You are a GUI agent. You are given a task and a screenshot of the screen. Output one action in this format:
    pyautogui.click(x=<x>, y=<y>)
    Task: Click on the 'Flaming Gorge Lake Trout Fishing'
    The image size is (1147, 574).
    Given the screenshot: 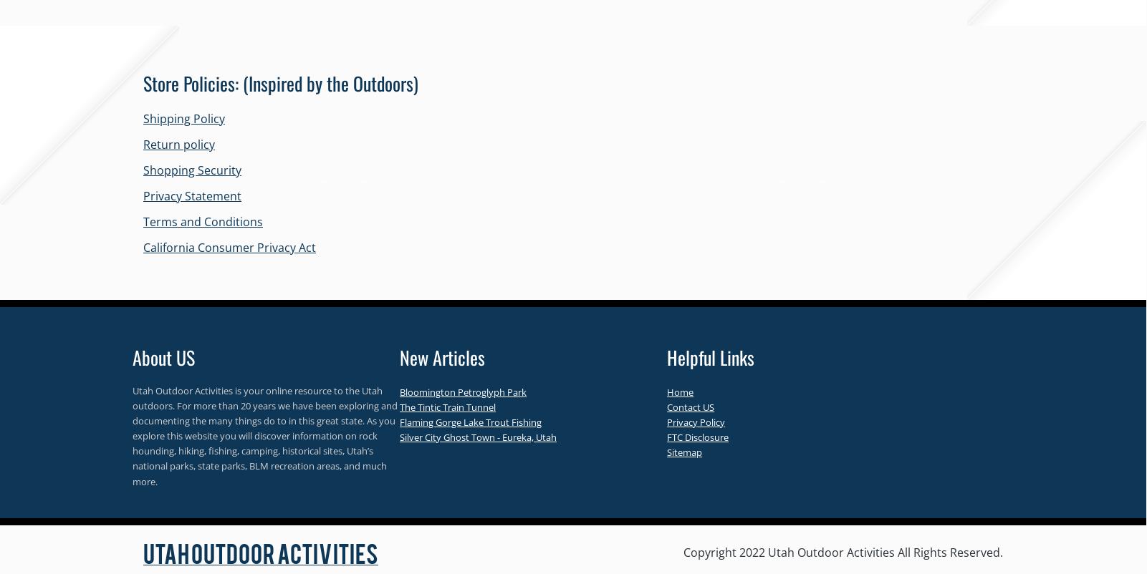 What is the action you would take?
    pyautogui.click(x=470, y=422)
    